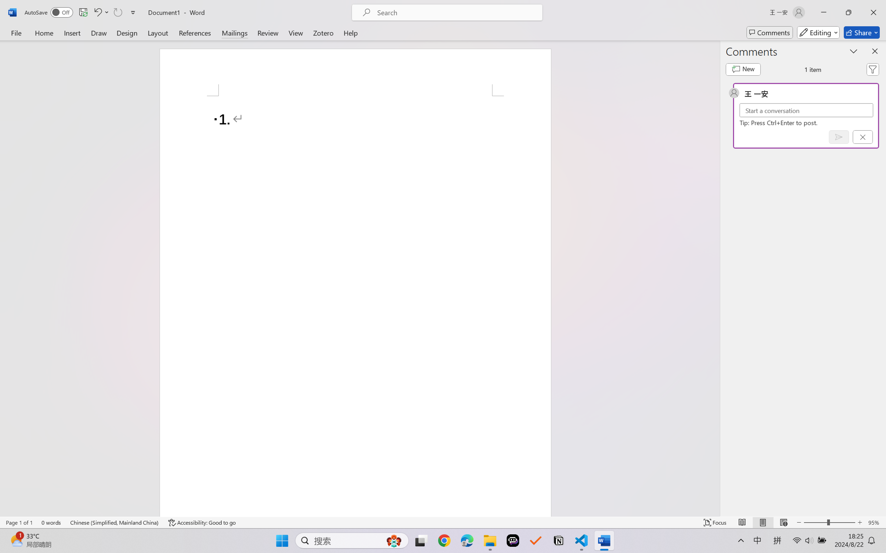 Image resolution: width=886 pixels, height=553 pixels. What do you see at coordinates (872, 69) in the screenshot?
I see `'Filter'` at bounding box center [872, 69].